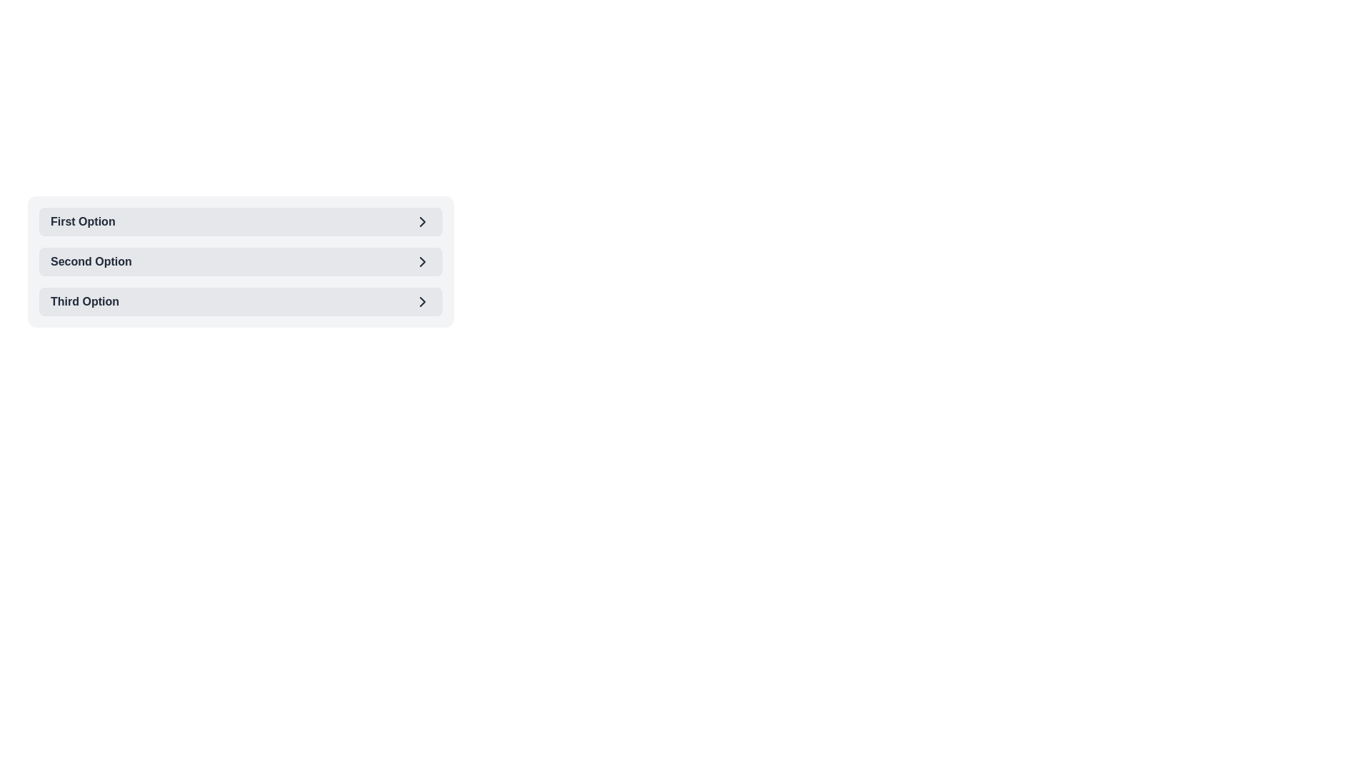 The height and width of the screenshot is (771, 1371). What do you see at coordinates (421, 261) in the screenshot?
I see `the rightward-pointing chevron icon in the 'Second Option' row to indicate interactivity` at bounding box center [421, 261].